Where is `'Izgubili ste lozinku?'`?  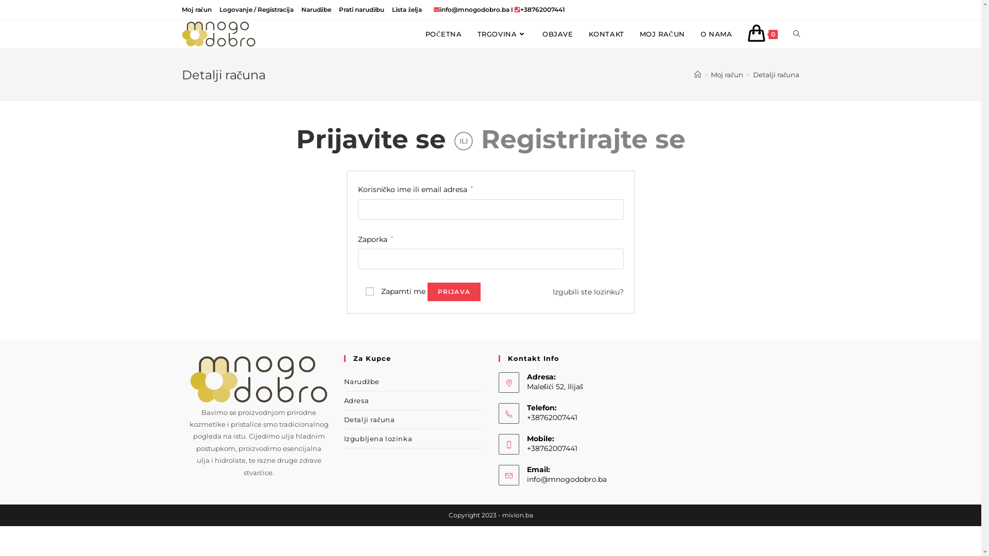 'Izgubili ste lozinku?' is located at coordinates (588, 292).